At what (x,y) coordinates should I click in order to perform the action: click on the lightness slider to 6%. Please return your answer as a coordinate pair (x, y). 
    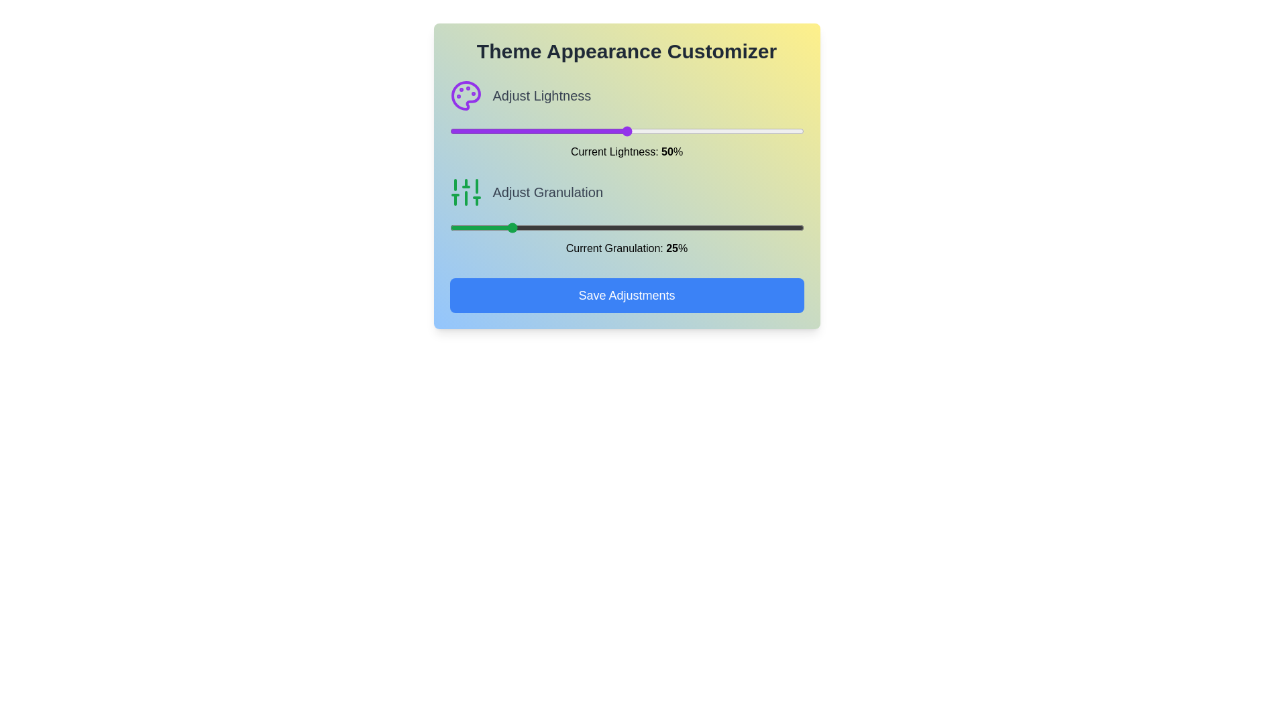
    Looking at the image, I should click on (471, 131).